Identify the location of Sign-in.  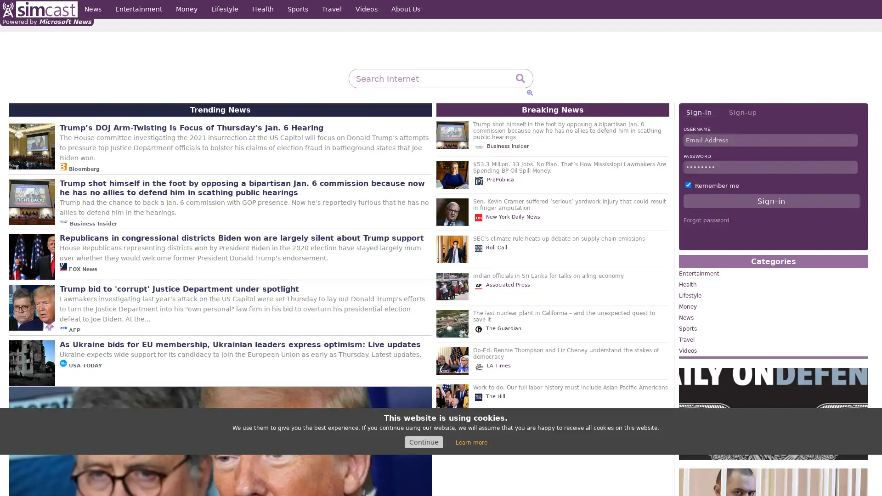
(698, 112).